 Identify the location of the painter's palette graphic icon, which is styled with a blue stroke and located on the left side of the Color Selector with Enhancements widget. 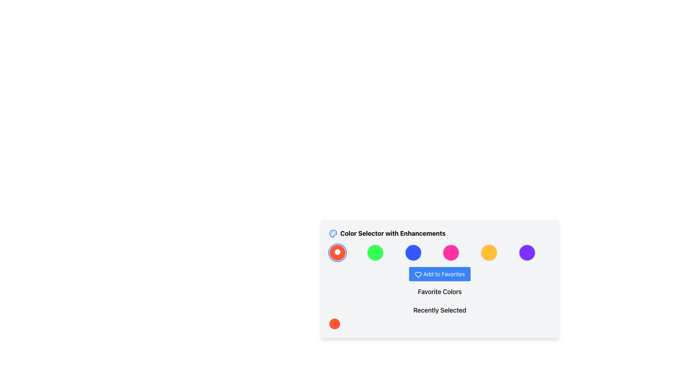
(333, 233).